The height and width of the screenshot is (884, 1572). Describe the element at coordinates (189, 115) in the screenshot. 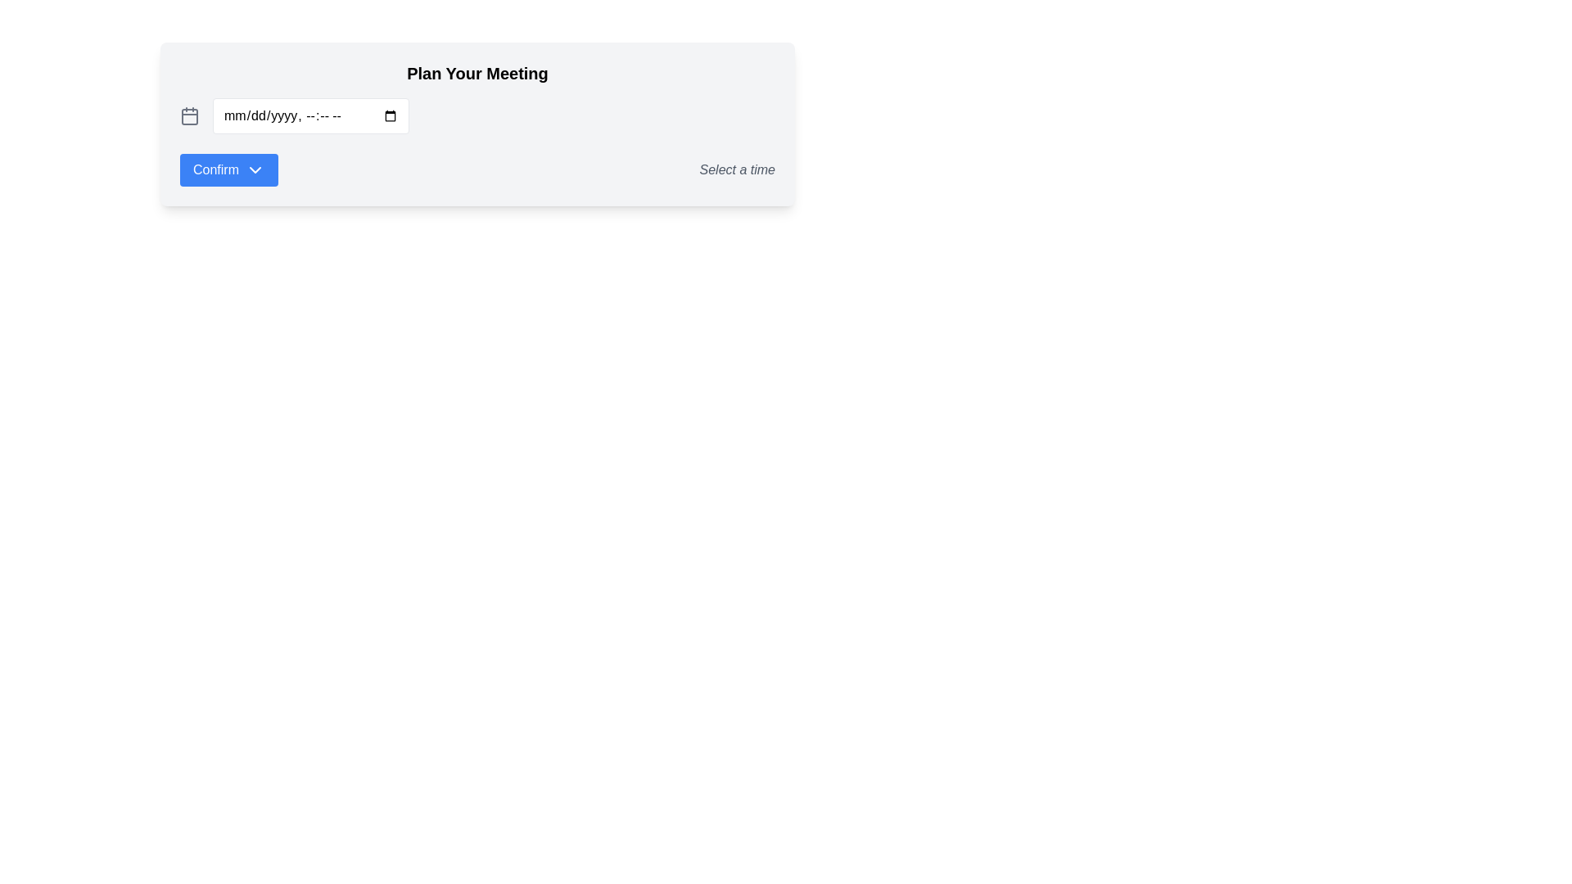

I see `the calendar icon which is a rectangle with rounded corners, centrally positioned within its frame, located to the left of the date input field` at that location.